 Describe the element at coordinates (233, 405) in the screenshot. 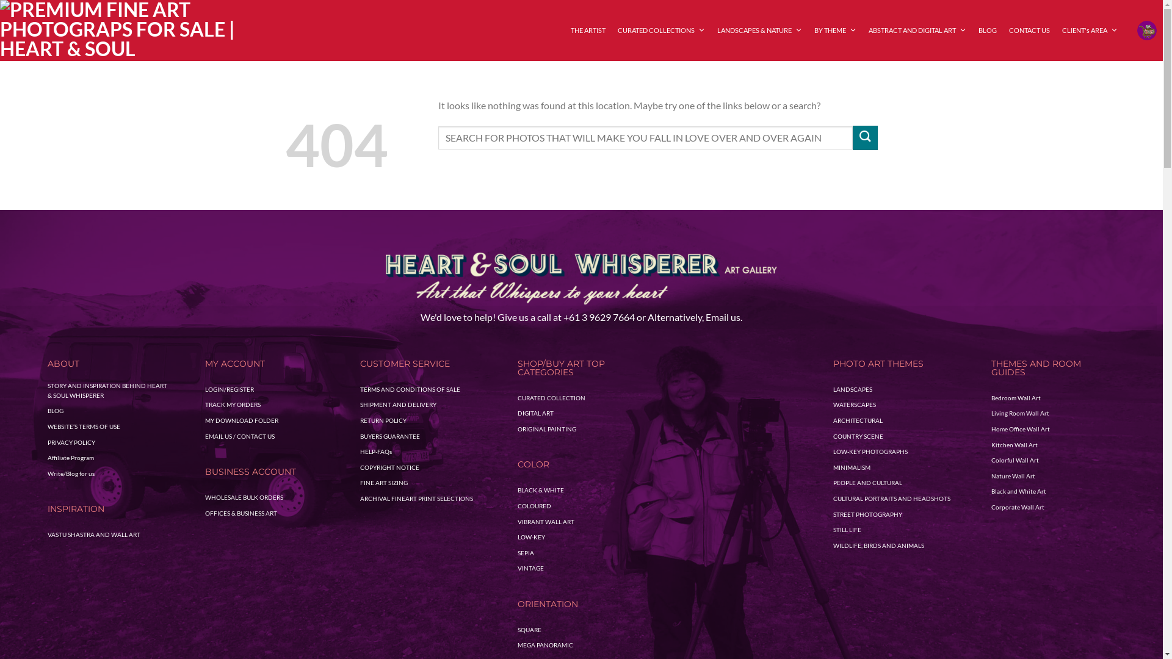

I see `'TRACK MY ORDERS'` at that location.